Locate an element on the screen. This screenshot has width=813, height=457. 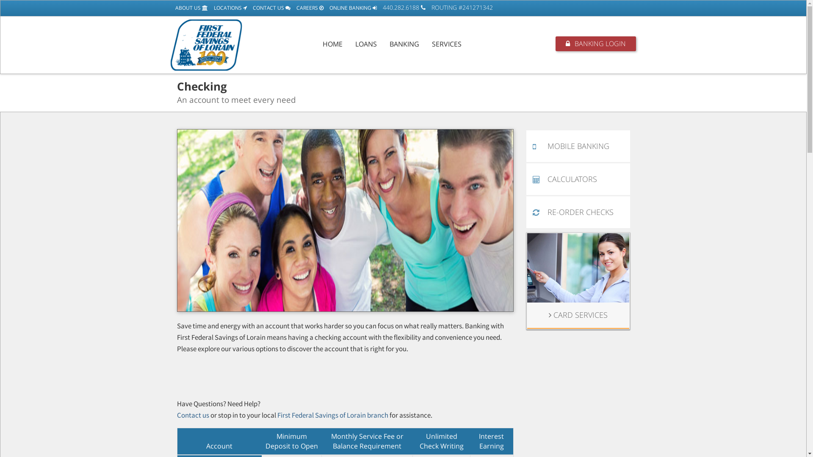
'First Federal Savings of Lorain branch' is located at coordinates (332, 414).